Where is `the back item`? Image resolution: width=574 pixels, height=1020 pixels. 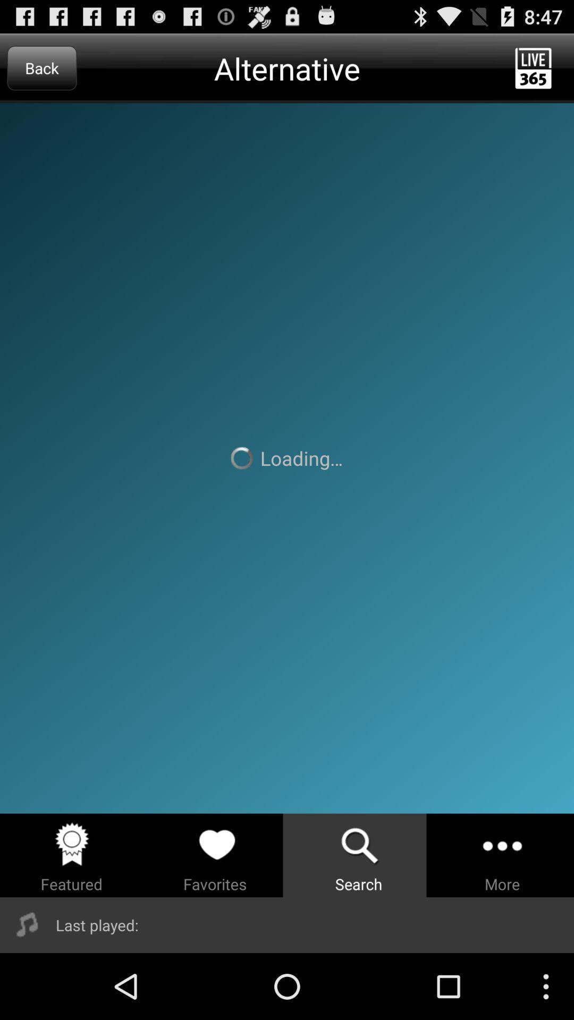 the back item is located at coordinates (41, 67).